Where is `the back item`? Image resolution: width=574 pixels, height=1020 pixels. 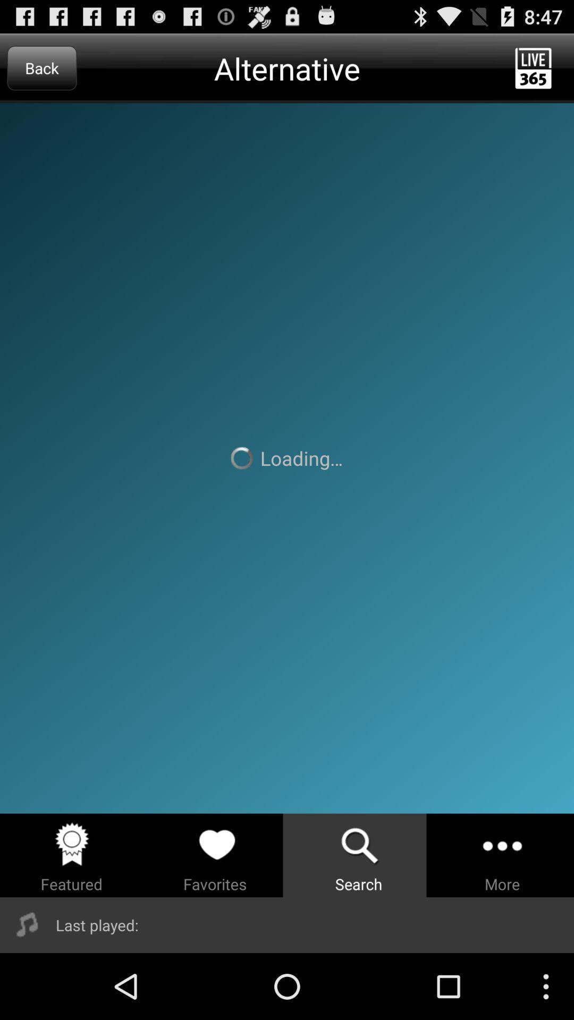 the back item is located at coordinates (41, 67).